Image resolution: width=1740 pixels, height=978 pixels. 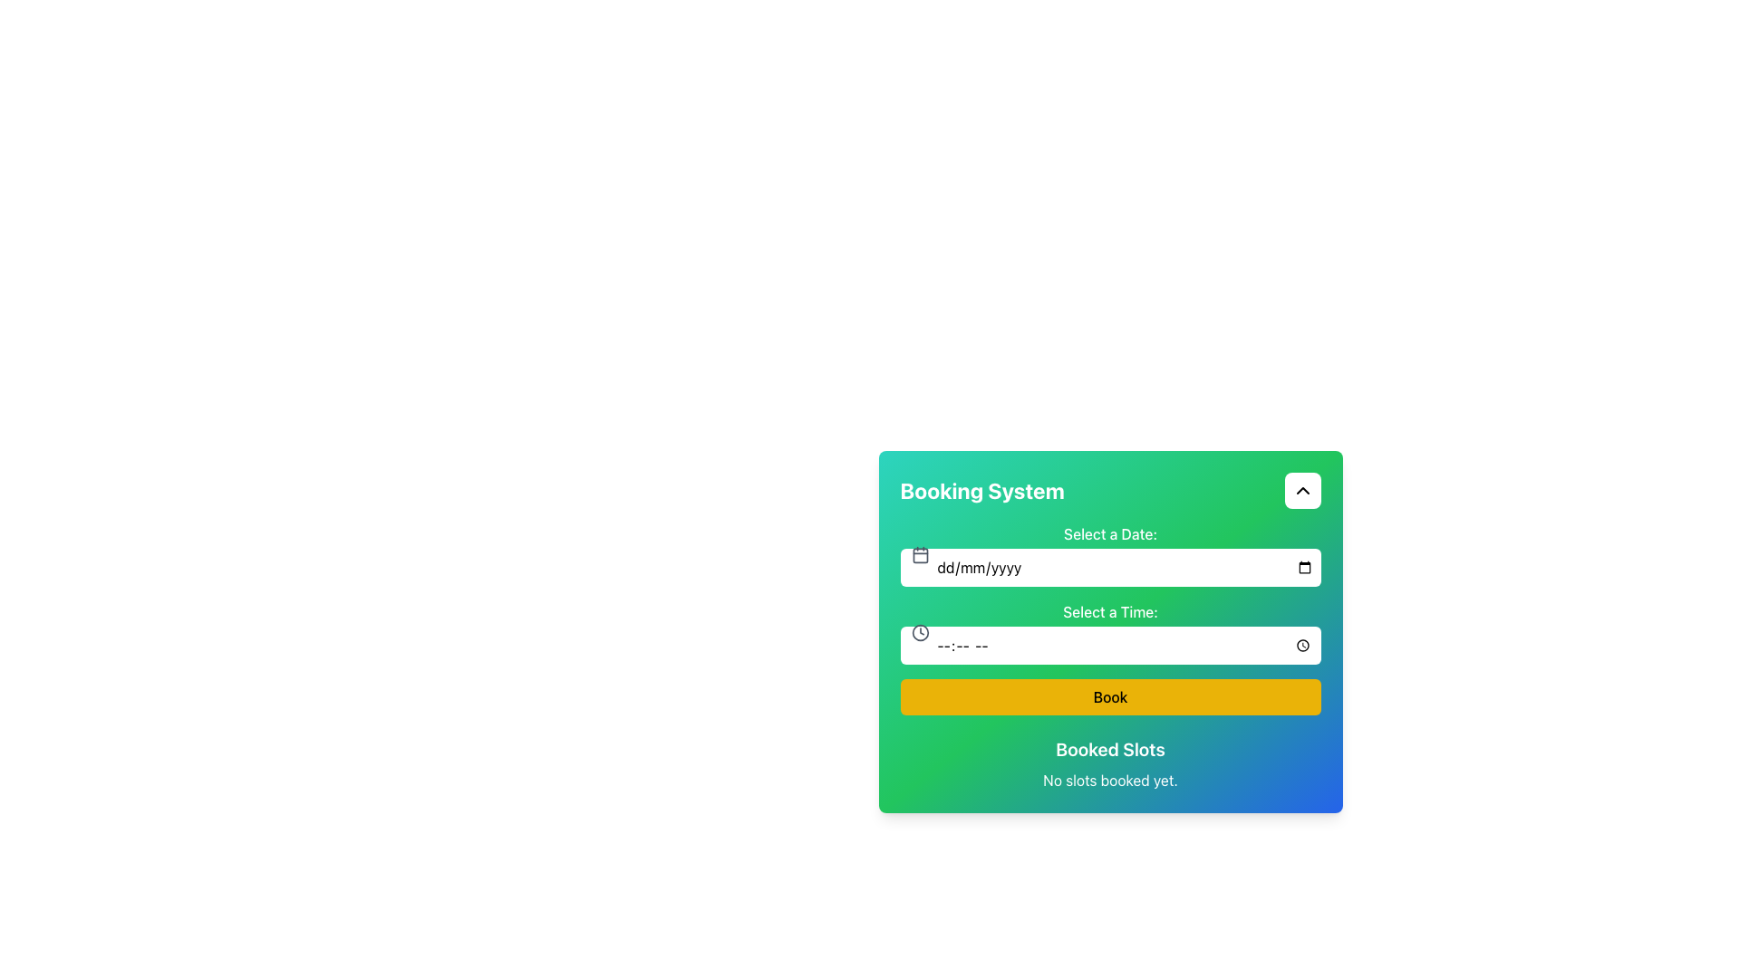 I want to click on the small outline clock icon located in the 'Select a Time:' section, to the left of the time input field, so click(x=920, y=631).